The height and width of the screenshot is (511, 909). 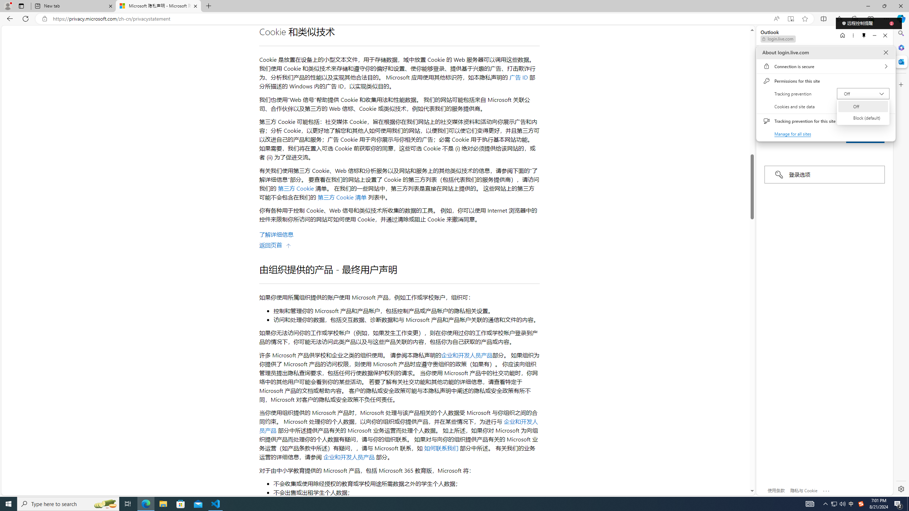 What do you see at coordinates (127, 503) in the screenshot?
I see `'Task View'` at bounding box center [127, 503].